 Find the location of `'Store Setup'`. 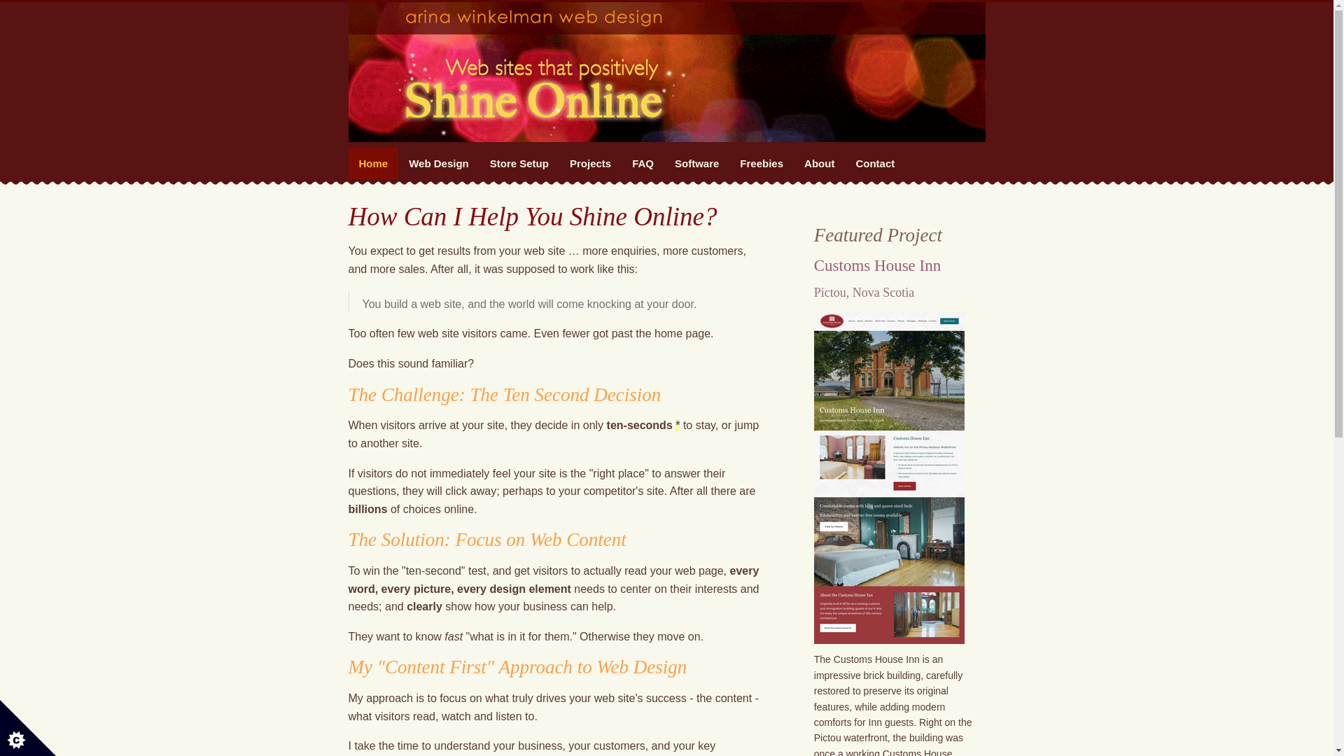

'Store Setup' is located at coordinates (519, 162).